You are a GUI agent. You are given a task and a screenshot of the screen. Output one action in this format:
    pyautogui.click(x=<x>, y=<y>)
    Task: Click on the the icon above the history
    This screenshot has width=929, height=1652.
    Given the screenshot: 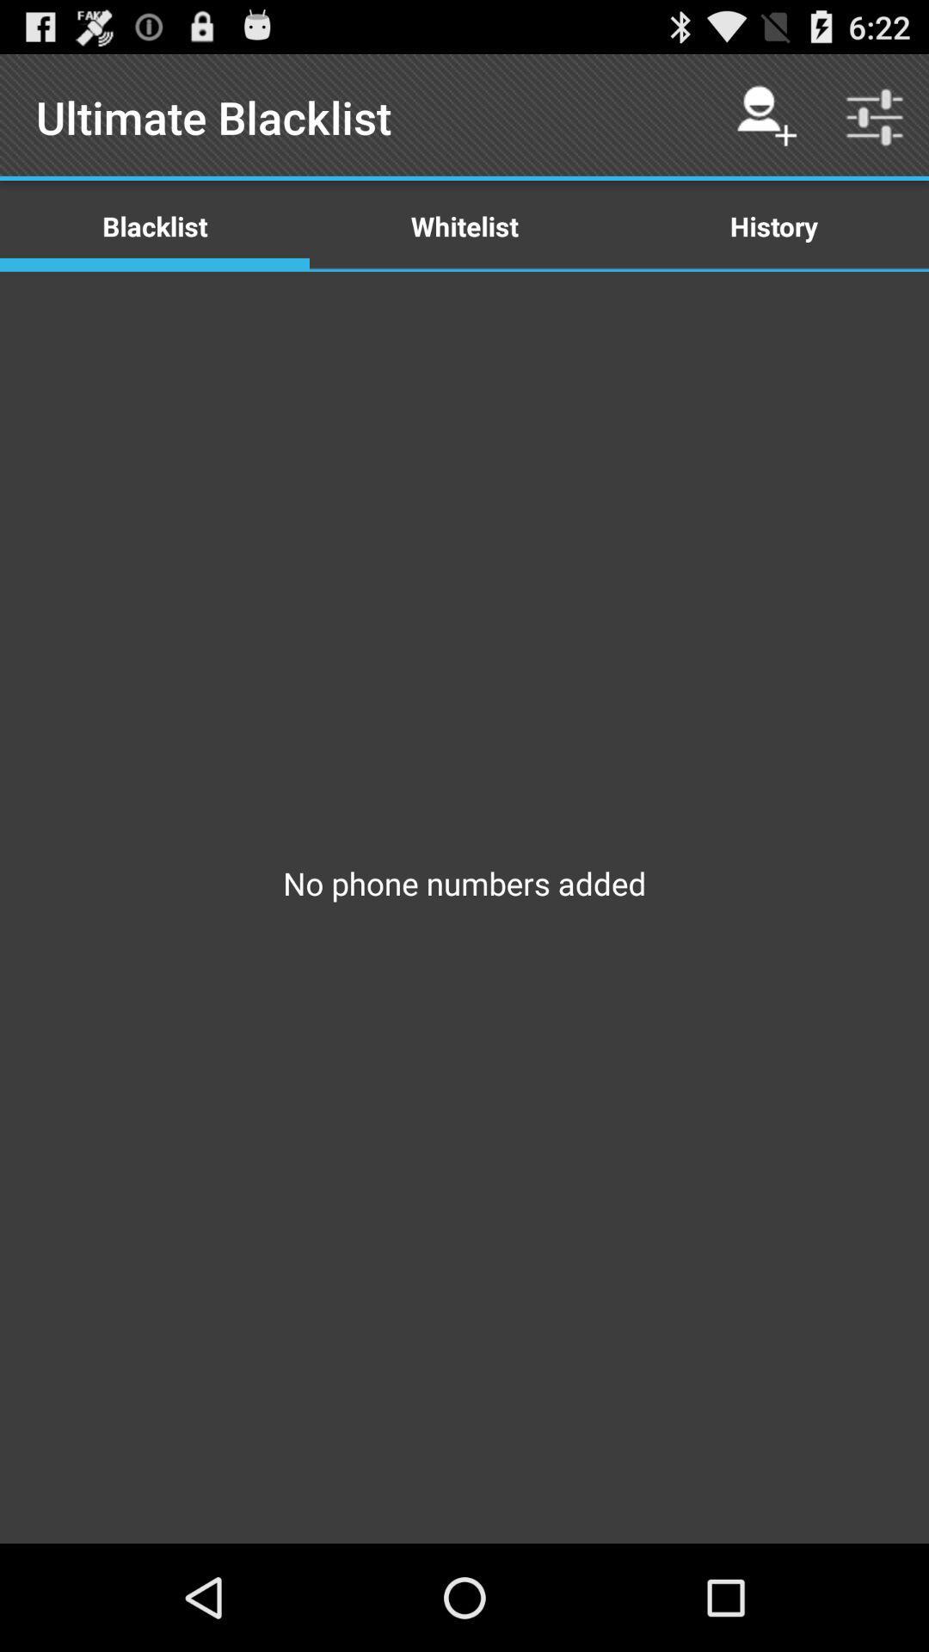 What is the action you would take?
    pyautogui.click(x=875, y=116)
    